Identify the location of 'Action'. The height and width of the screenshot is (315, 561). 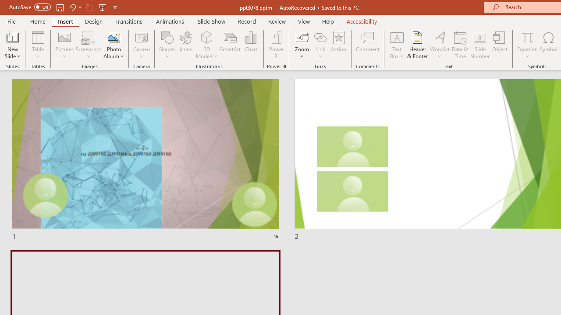
(338, 45).